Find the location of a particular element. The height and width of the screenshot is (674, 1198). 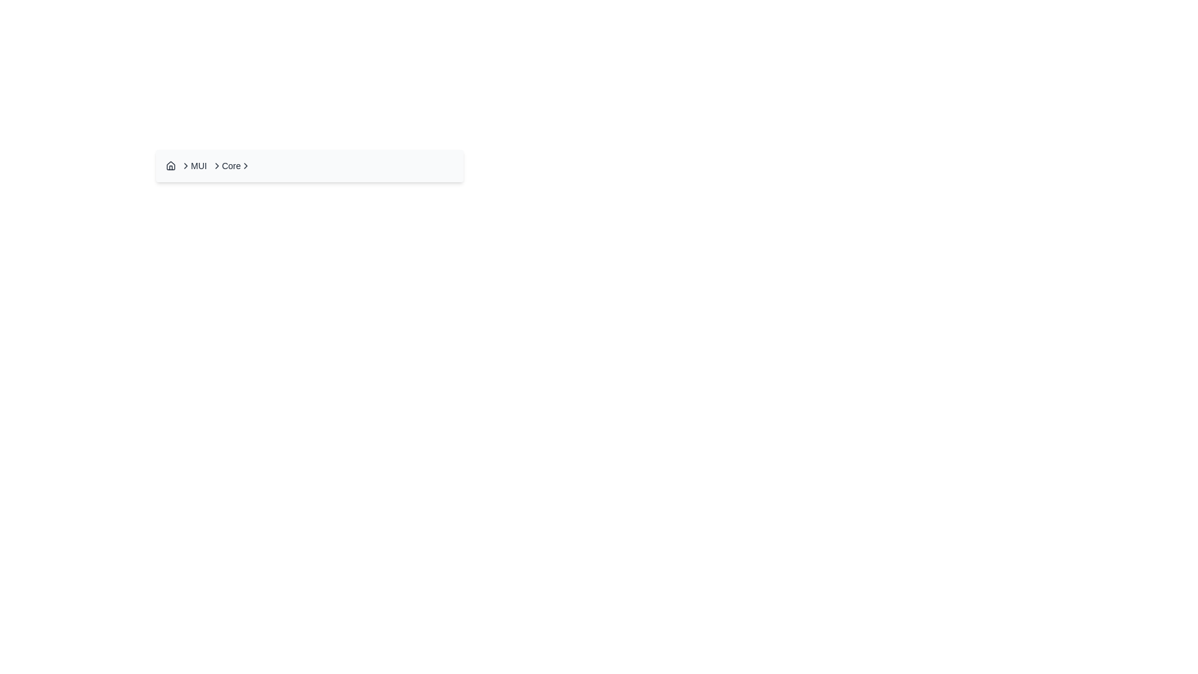

the chevron icon that serves as a navigational separator between the 'Home' icon and the 'MUI' text in the breadcrumb trail is located at coordinates (185, 165).